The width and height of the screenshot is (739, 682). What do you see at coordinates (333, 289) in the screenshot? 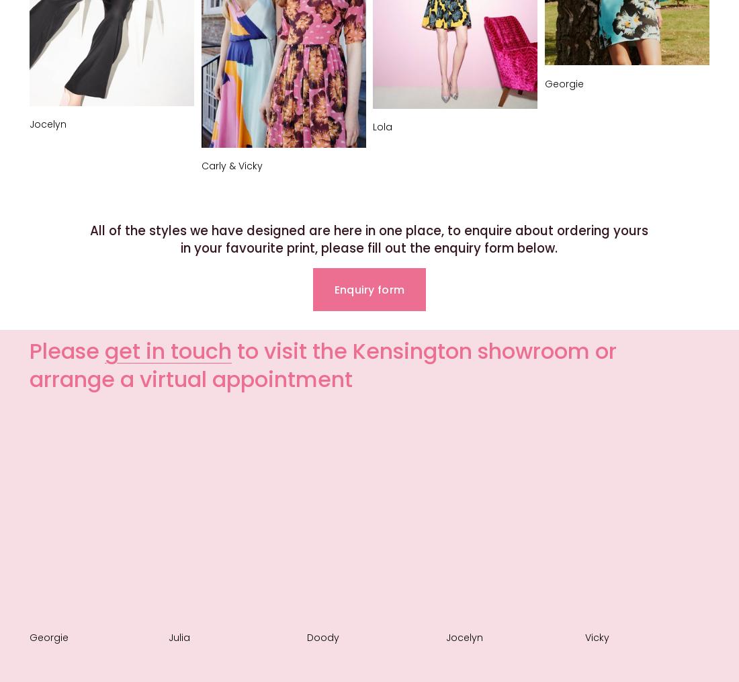
I see `'Enquiry form'` at bounding box center [333, 289].